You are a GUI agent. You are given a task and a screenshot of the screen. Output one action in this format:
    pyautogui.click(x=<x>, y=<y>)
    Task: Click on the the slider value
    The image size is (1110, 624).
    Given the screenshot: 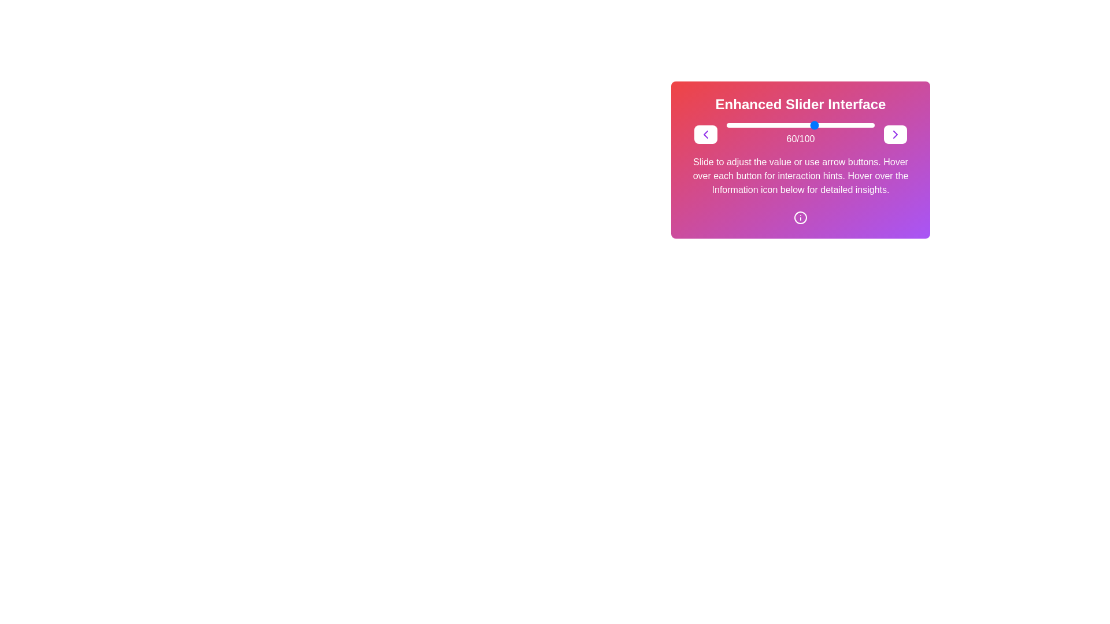 What is the action you would take?
    pyautogui.click(x=760, y=125)
    